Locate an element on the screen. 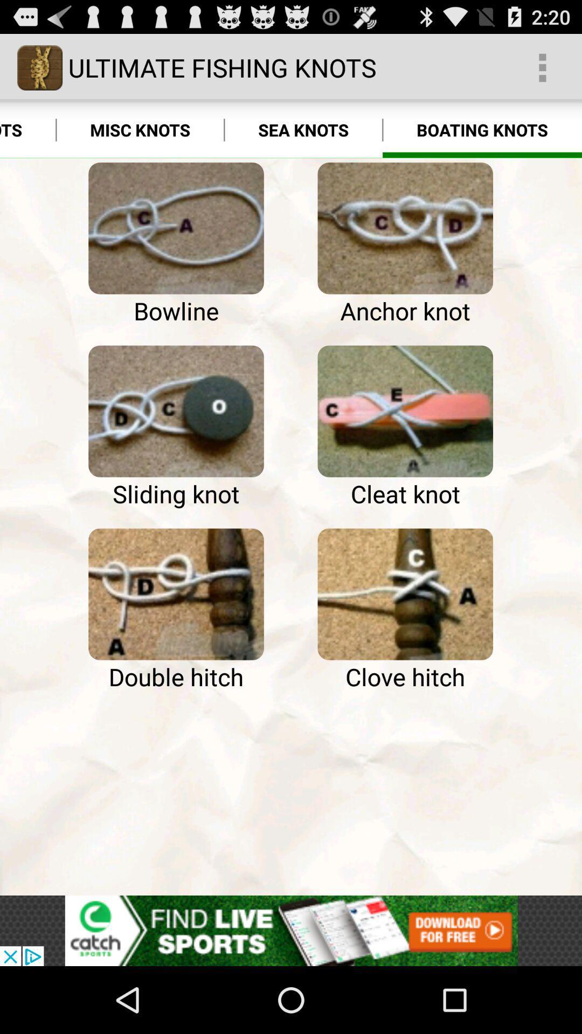  anchor knot instructions is located at coordinates (405, 228).